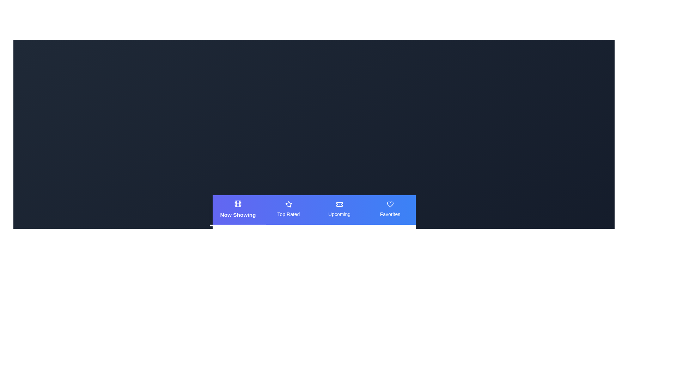  I want to click on the SVG Icon that represents the 'Now Showing' section in the navigation bar, which is positioned centrally above the corresponding text, so click(238, 203).